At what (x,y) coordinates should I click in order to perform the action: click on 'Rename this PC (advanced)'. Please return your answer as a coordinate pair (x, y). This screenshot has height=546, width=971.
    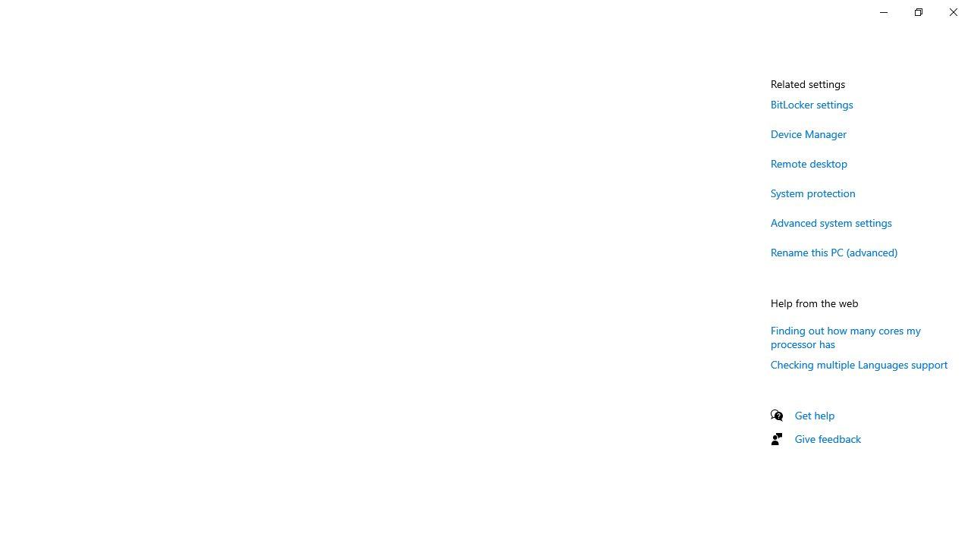
    Looking at the image, I should click on (834, 251).